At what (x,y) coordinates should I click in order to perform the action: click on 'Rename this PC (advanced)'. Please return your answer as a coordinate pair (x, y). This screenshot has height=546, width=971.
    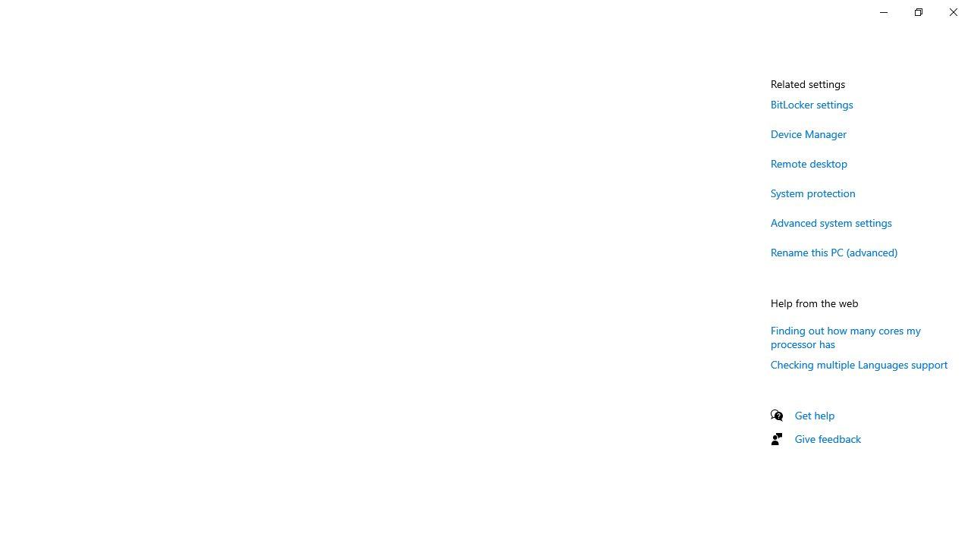
    Looking at the image, I should click on (834, 251).